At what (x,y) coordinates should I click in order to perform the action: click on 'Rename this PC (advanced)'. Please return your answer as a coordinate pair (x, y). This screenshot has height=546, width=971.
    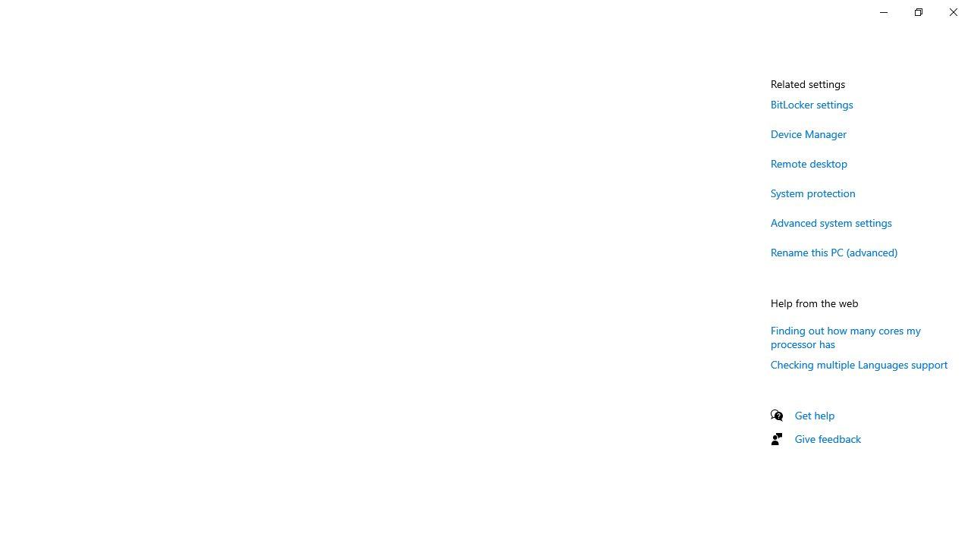
    Looking at the image, I should click on (834, 251).